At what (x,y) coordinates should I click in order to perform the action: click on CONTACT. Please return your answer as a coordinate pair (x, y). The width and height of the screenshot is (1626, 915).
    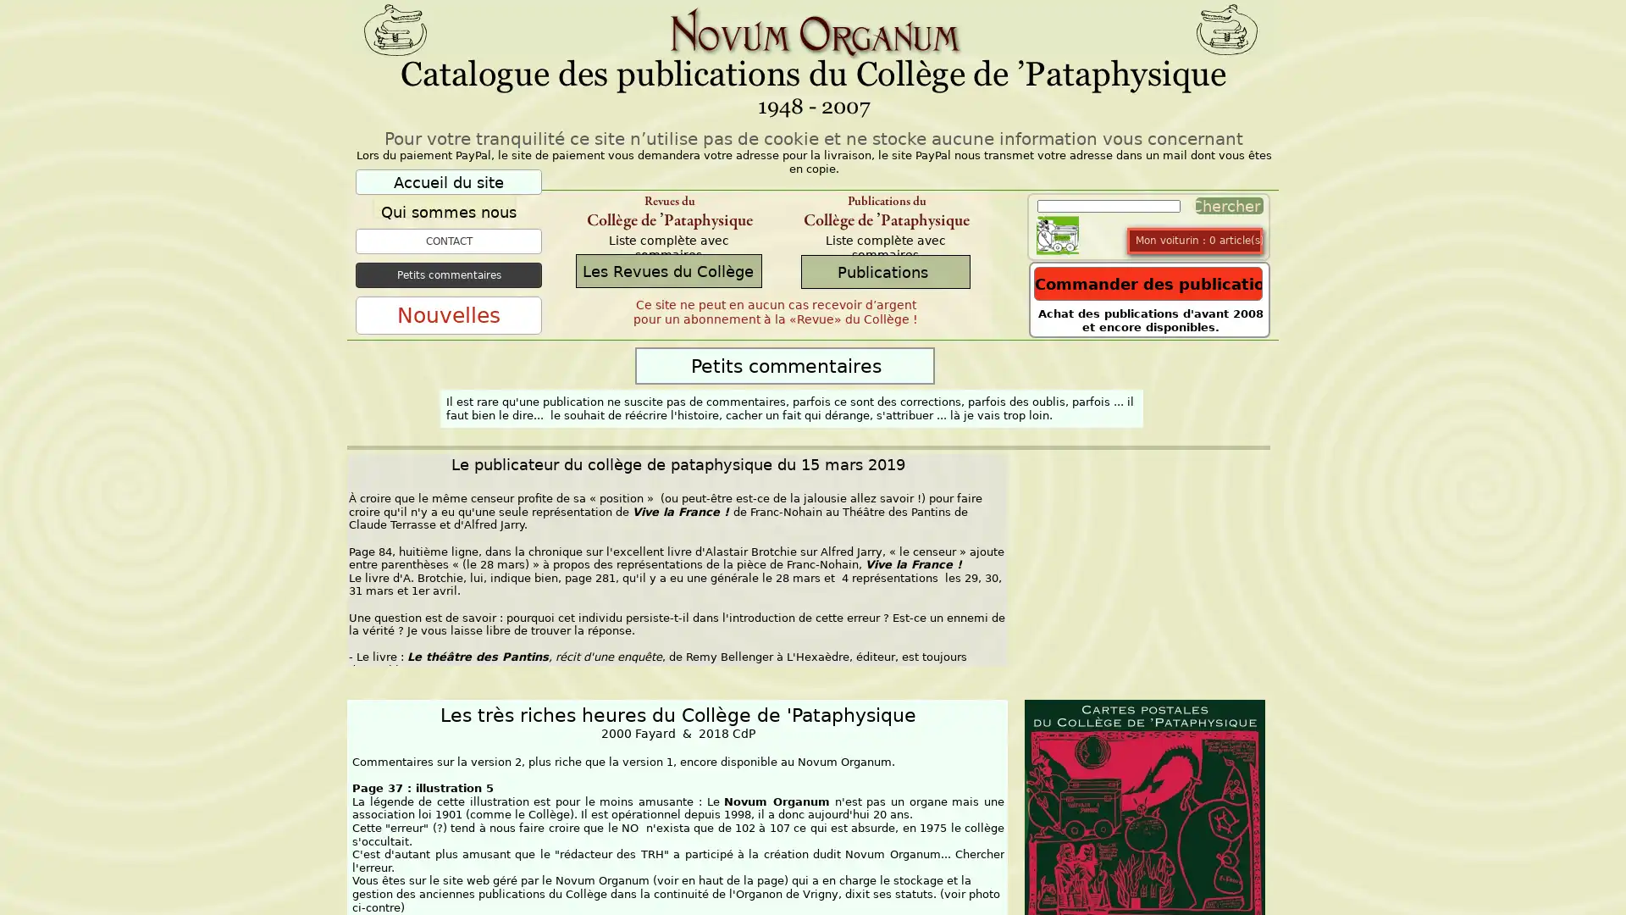
    Looking at the image, I should click on (448, 241).